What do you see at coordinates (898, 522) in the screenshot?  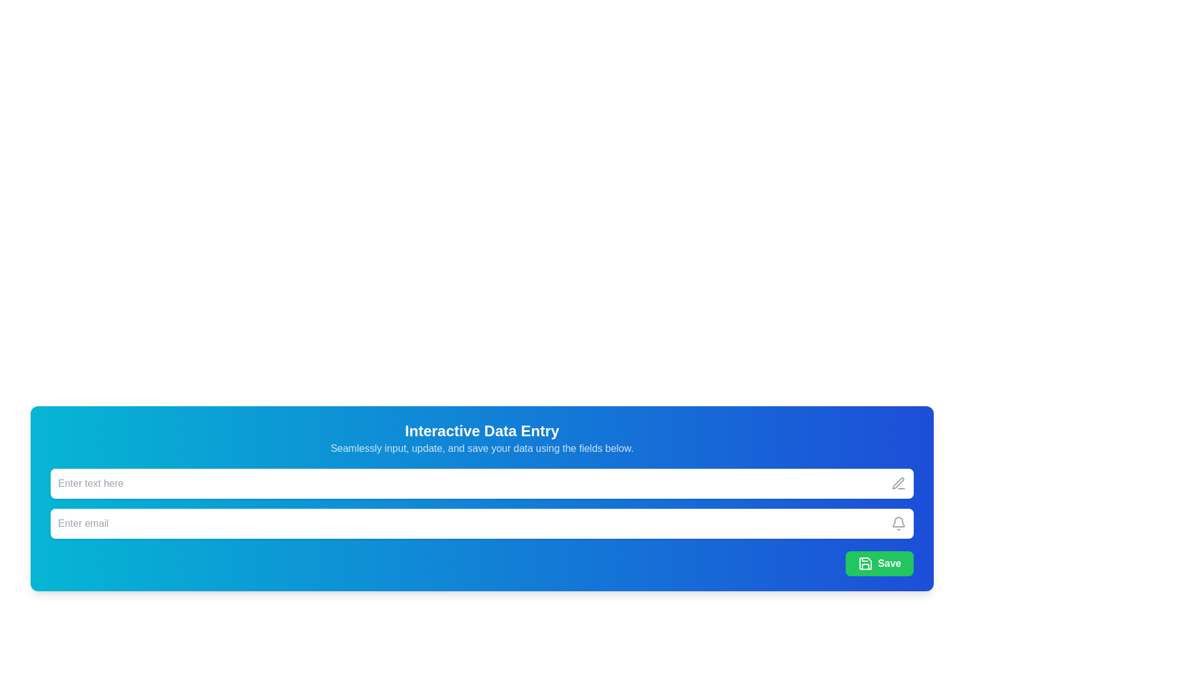 I see `the main body of the bell icon, which is represented by an outlined semicircular shape with a small protrusion at the top, located at the top right corner of the interface` at bounding box center [898, 522].